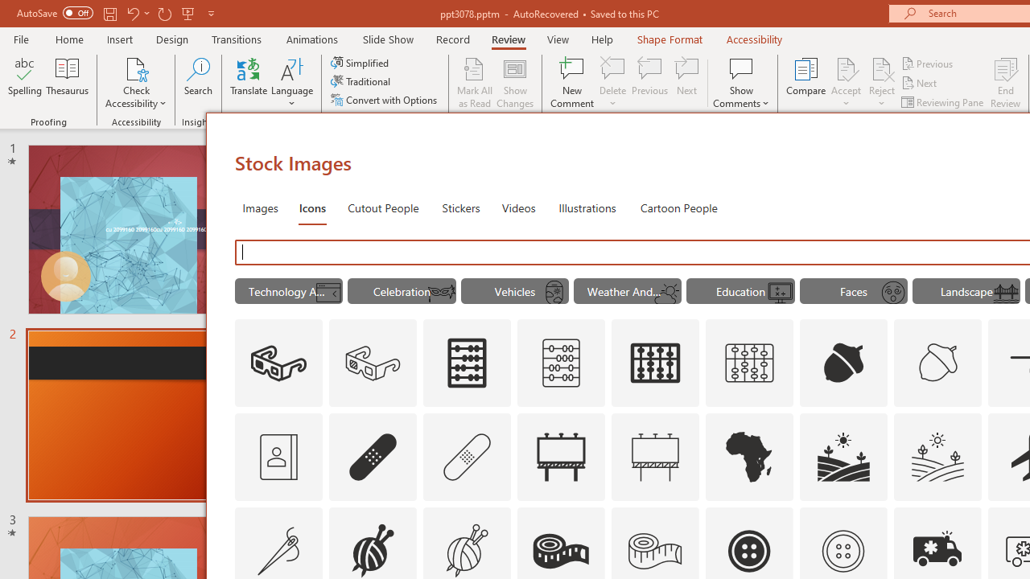 This screenshot has width=1030, height=579. What do you see at coordinates (360, 62) in the screenshot?
I see `'Simplified'` at bounding box center [360, 62].